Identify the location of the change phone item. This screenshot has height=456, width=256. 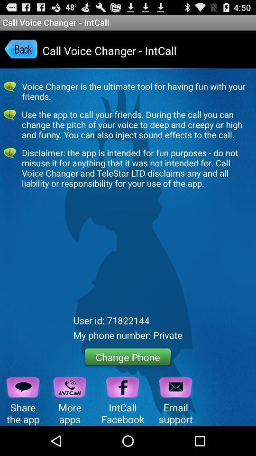
(128, 356).